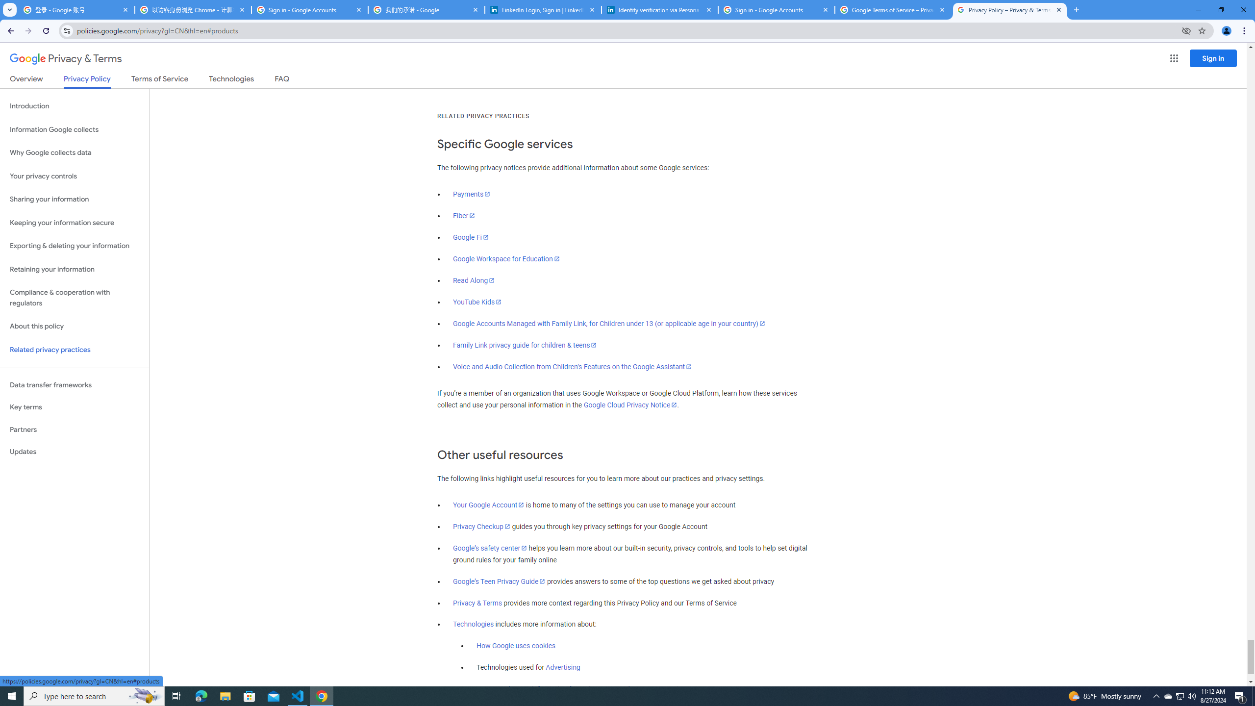 The image size is (1255, 706). Describe the element at coordinates (474, 279) in the screenshot. I see `'Read Along'` at that location.